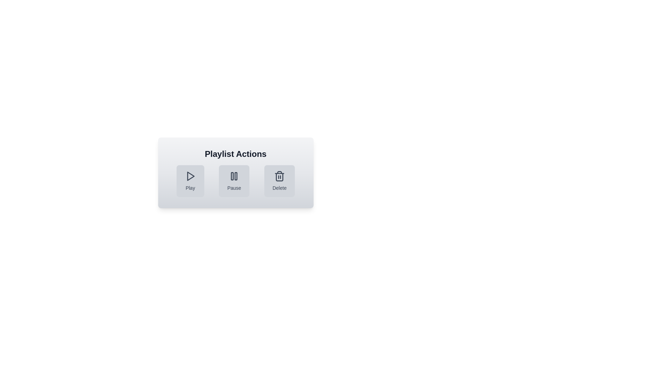 The height and width of the screenshot is (374, 666). Describe the element at coordinates (190, 181) in the screenshot. I see `the Play button to perform the corresponding action` at that location.